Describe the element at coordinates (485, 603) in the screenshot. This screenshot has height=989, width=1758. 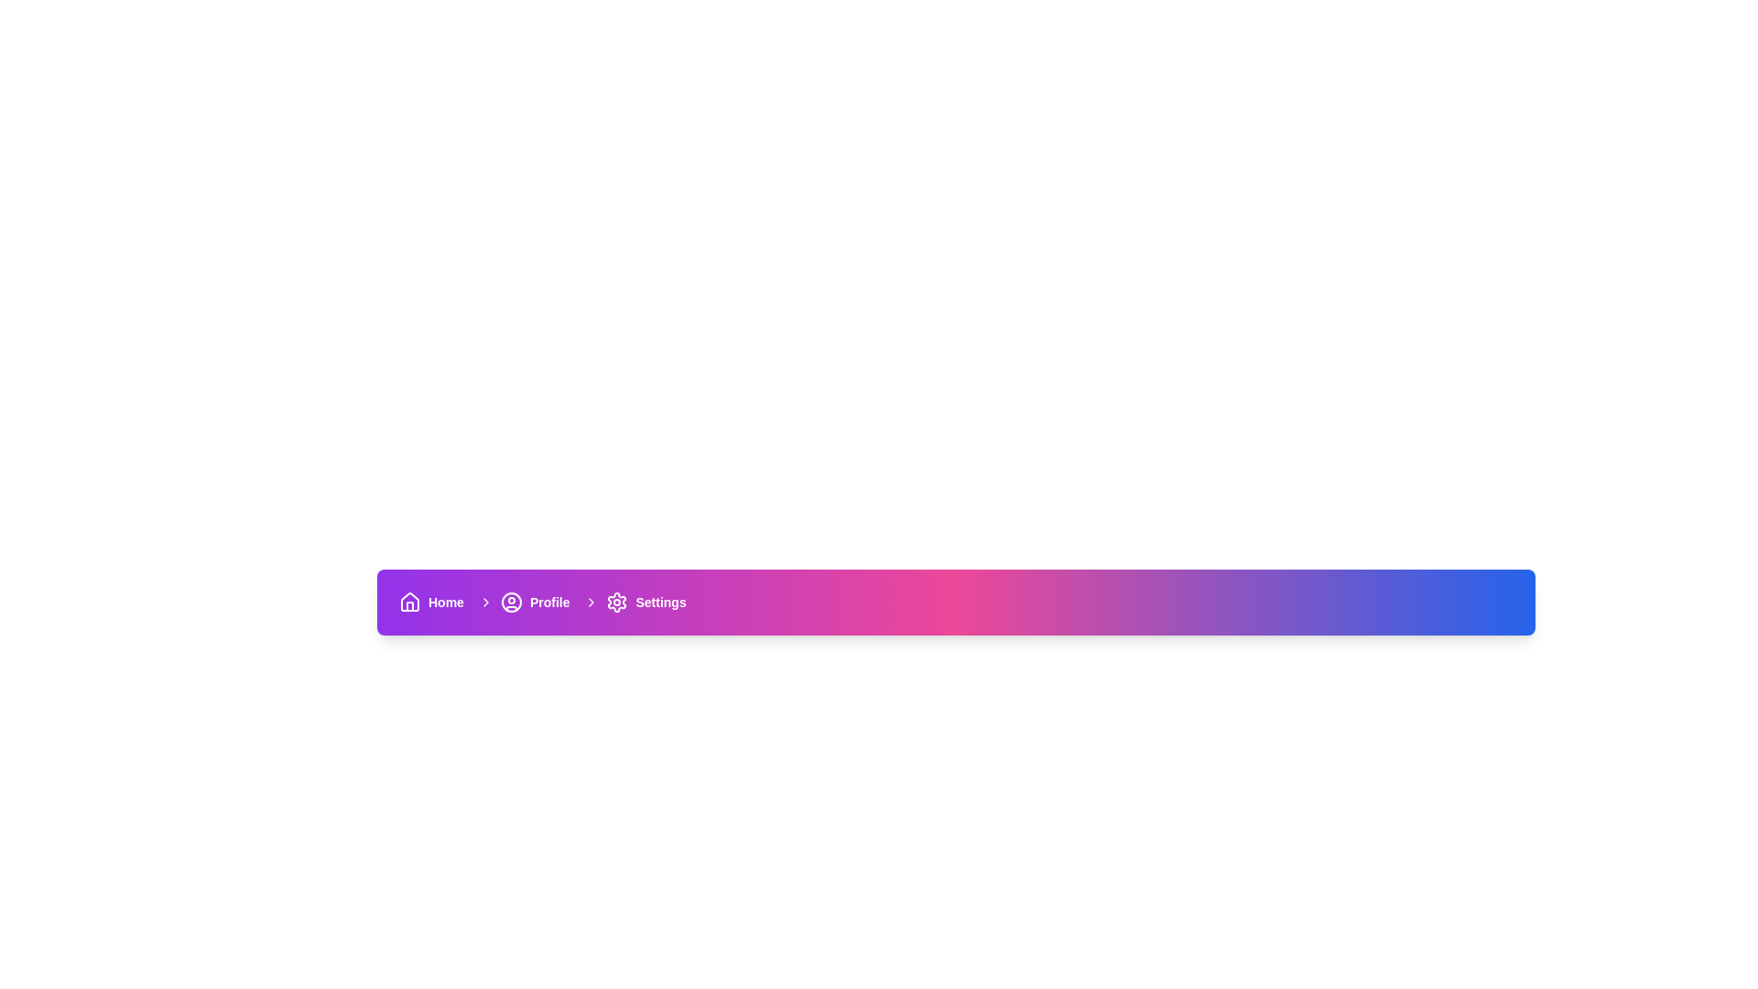
I see `the Chevron icon next to the 'Profile' text on the navigation bar` at that location.